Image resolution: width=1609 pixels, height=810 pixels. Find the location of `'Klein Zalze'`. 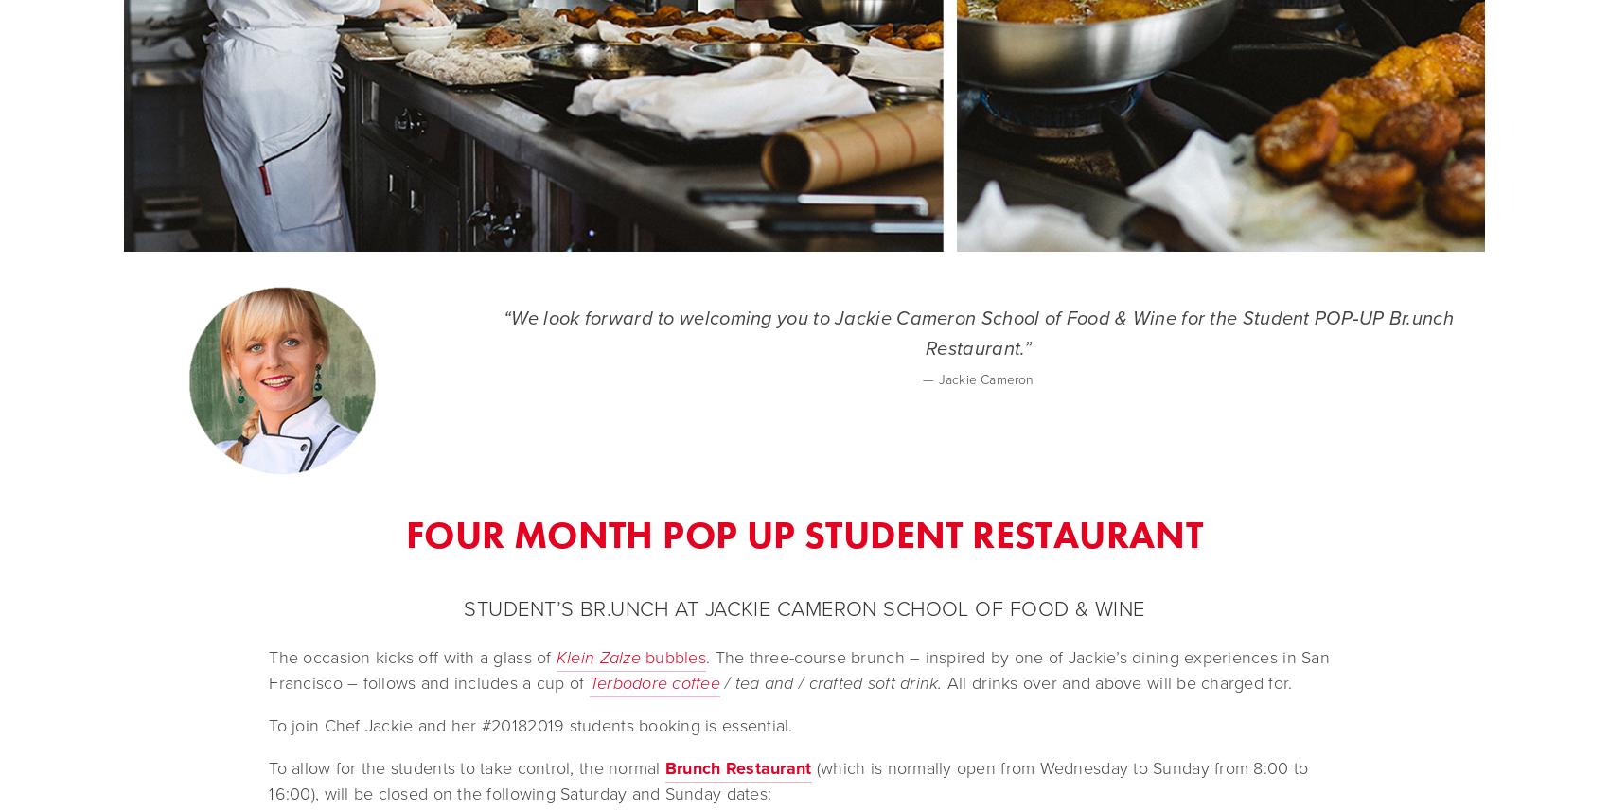

'Klein Zalze' is located at coordinates (596, 656).